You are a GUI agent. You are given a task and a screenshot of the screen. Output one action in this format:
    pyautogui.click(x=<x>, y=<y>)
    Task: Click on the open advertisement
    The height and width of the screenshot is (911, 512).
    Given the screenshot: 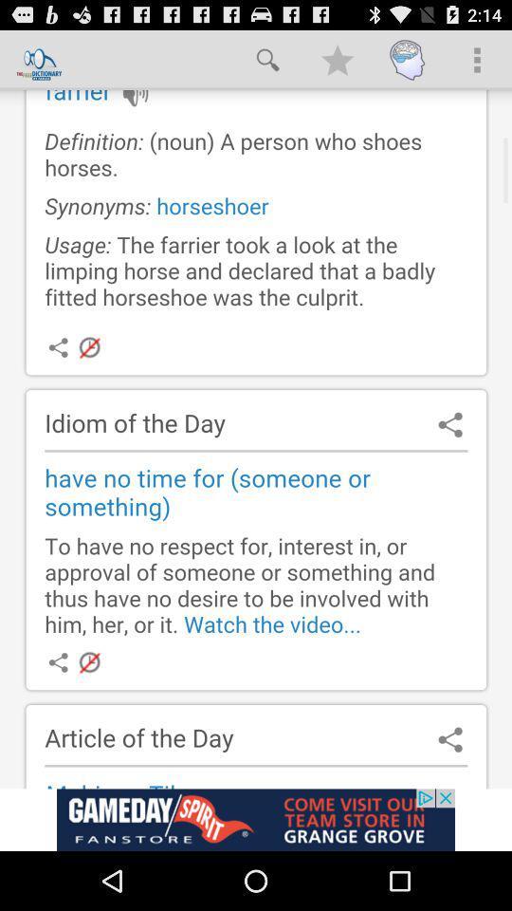 What is the action you would take?
    pyautogui.click(x=256, y=819)
    